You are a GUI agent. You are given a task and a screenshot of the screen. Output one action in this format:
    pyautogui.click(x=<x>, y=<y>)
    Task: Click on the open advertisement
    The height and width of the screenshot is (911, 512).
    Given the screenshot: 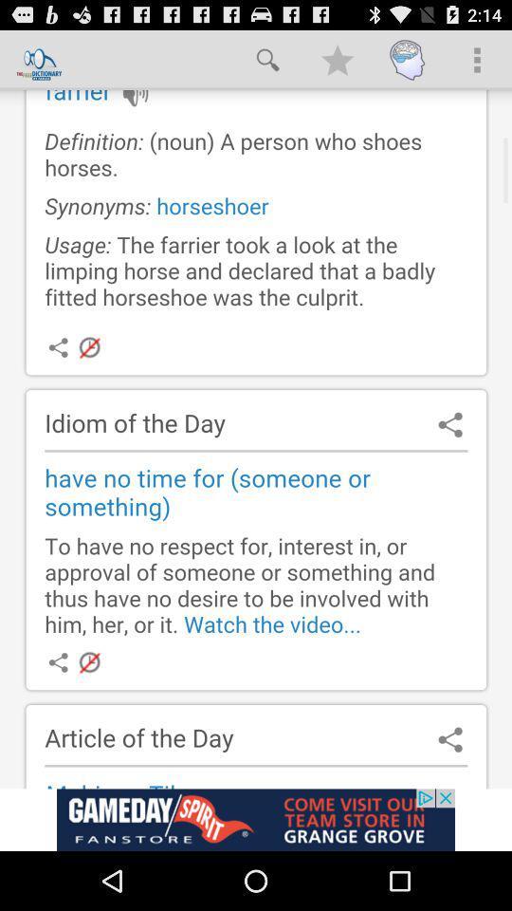 What is the action you would take?
    pyautogui.click(x=256, y=819)
    